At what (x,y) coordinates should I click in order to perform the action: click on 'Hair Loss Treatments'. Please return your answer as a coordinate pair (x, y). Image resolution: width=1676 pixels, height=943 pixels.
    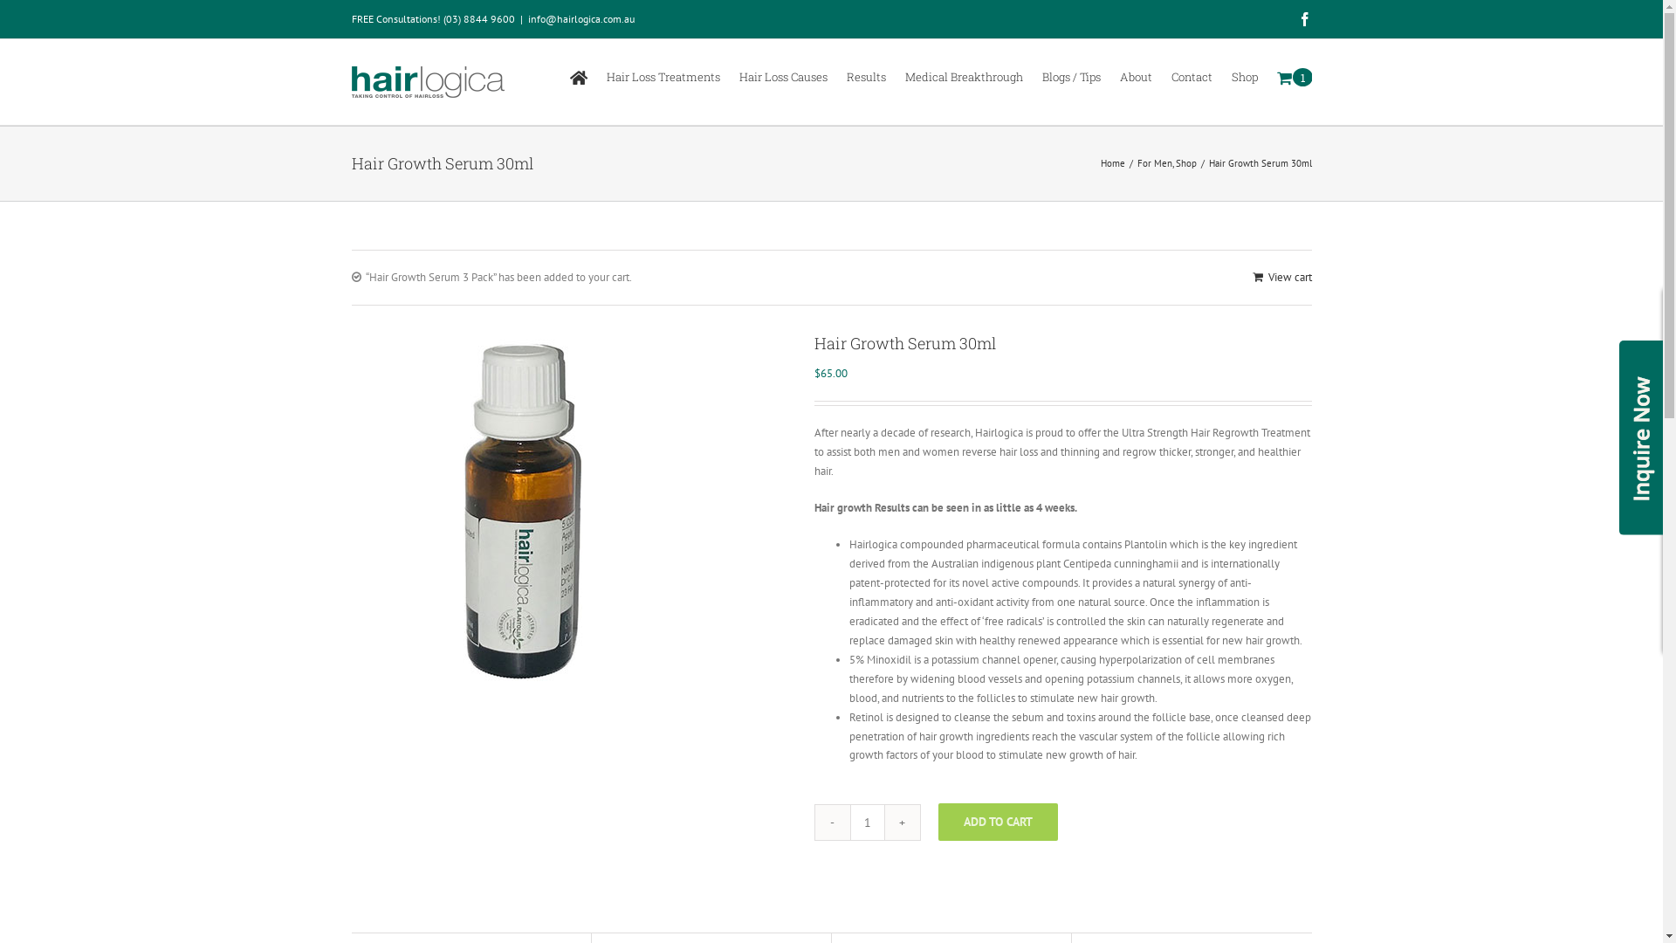
    Looking at the image, I should click on (606, 75).